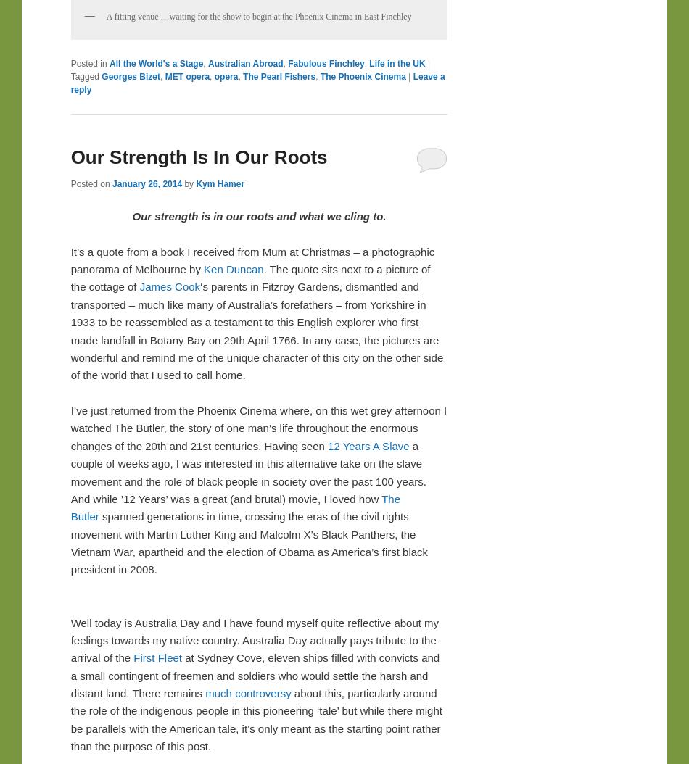 This screenshot has width=689, height=764. I want to click on 'It’s a quote from a book I received from Mum at Christmas – a photographic panorama of Melbourne by', so click(251, 259).